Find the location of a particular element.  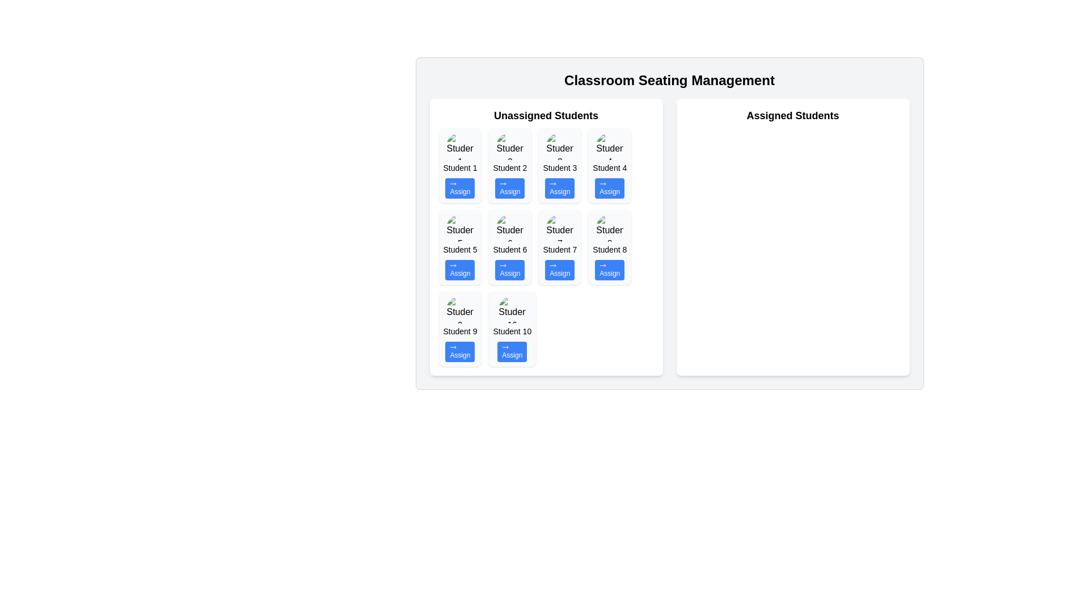

the rightward arrow icon inside the 'Assign' button for 'Student 7' located in the unassigned students section is located at coordinates (553, 265).